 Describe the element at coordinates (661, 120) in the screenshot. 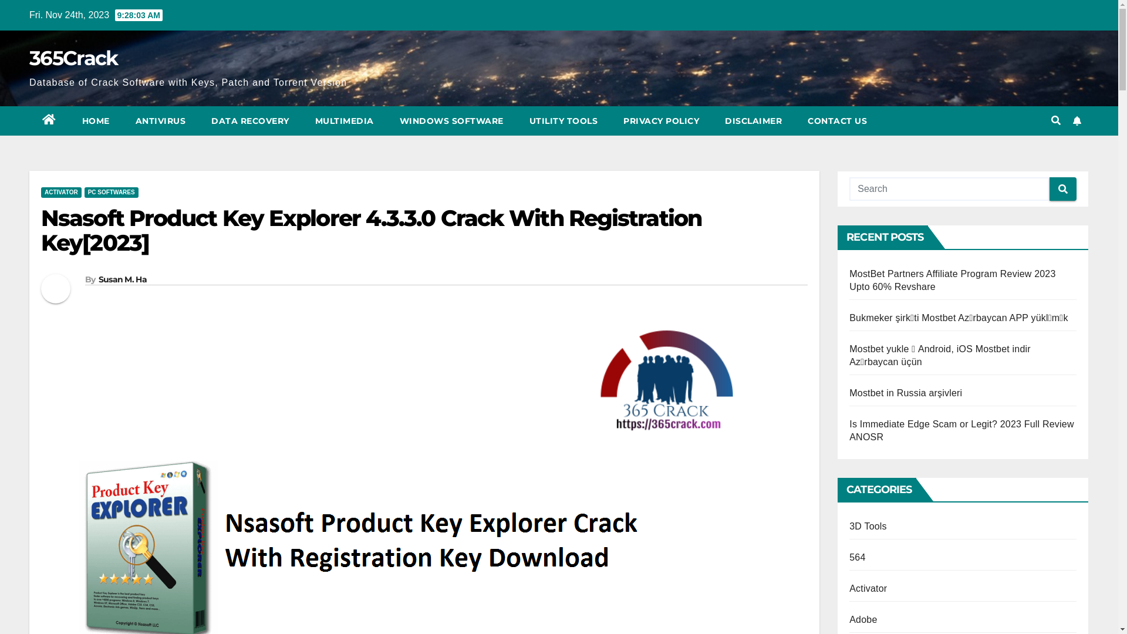

I see `'PRIVACY POLICY'` at that location.